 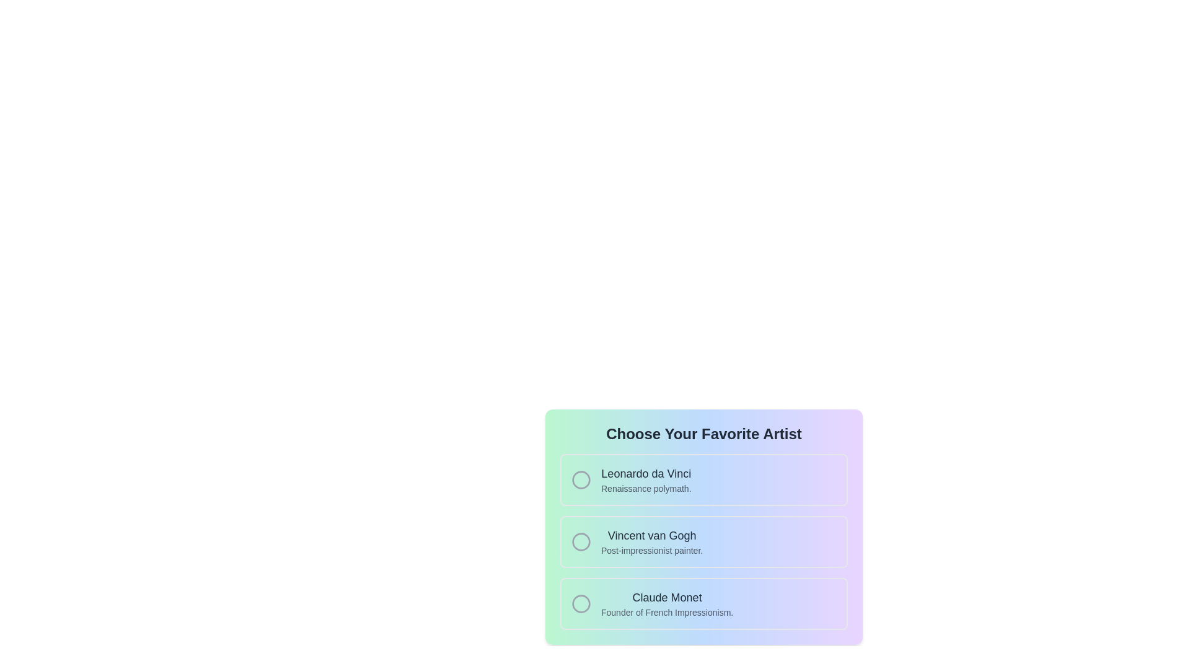 I want to click on the descriptive subtitle for 'Leonardo da Vinci' which specifies him as a 'Renaissance polymath', located directly below the heading in the vertical list of selectable items, so click(x=645, y=488).